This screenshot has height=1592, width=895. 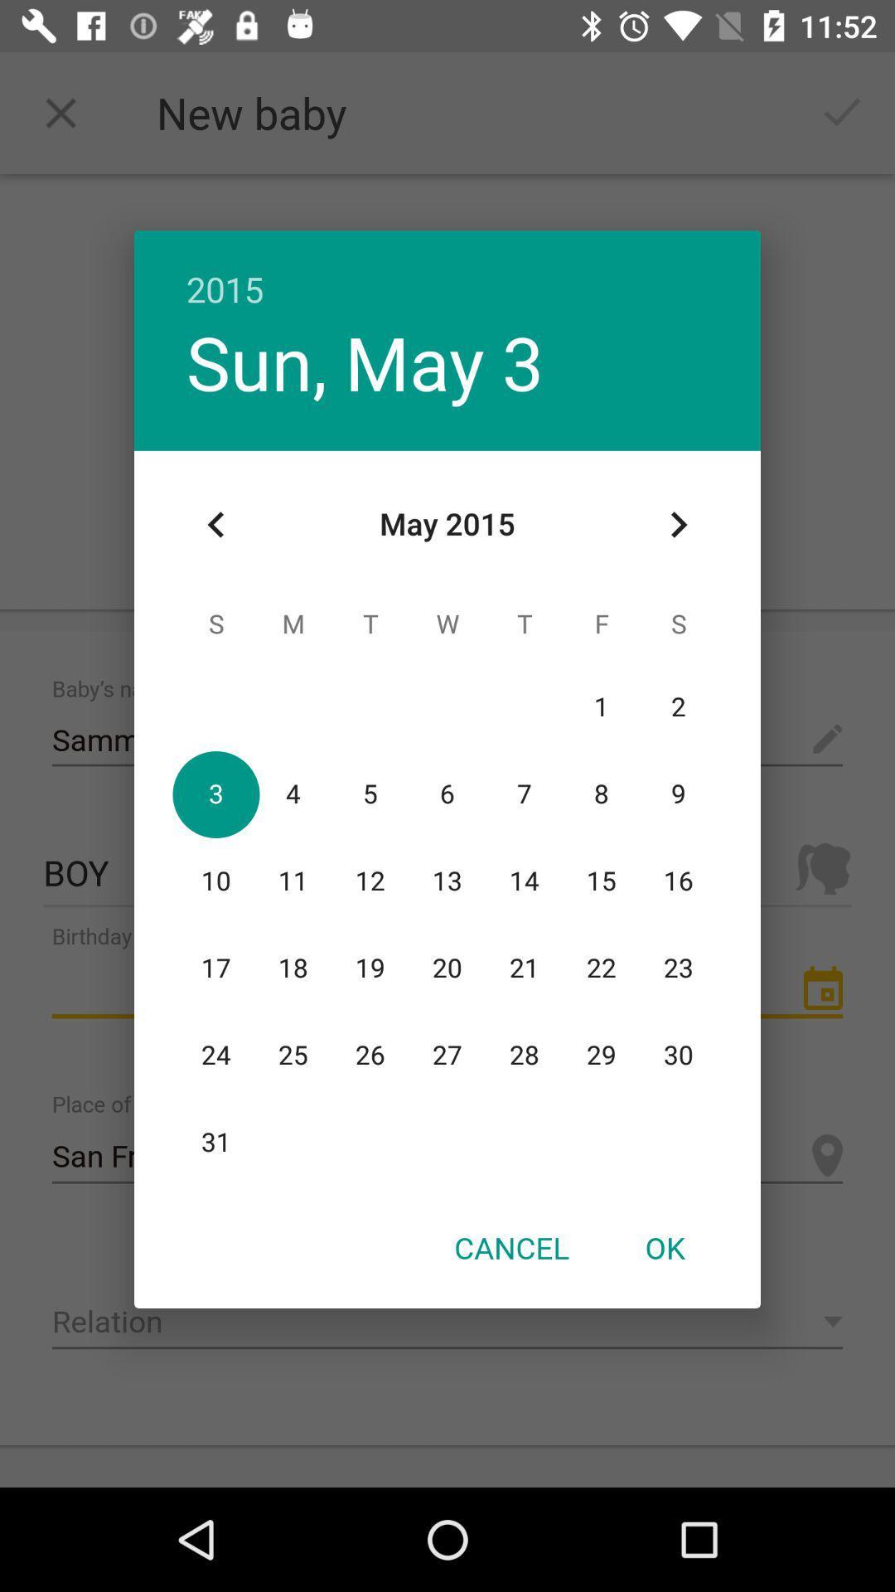 What do you see at coordinates (510, 1247) in the screenshot?
I see `item next to ok item` at bounding box center [510, 1247].